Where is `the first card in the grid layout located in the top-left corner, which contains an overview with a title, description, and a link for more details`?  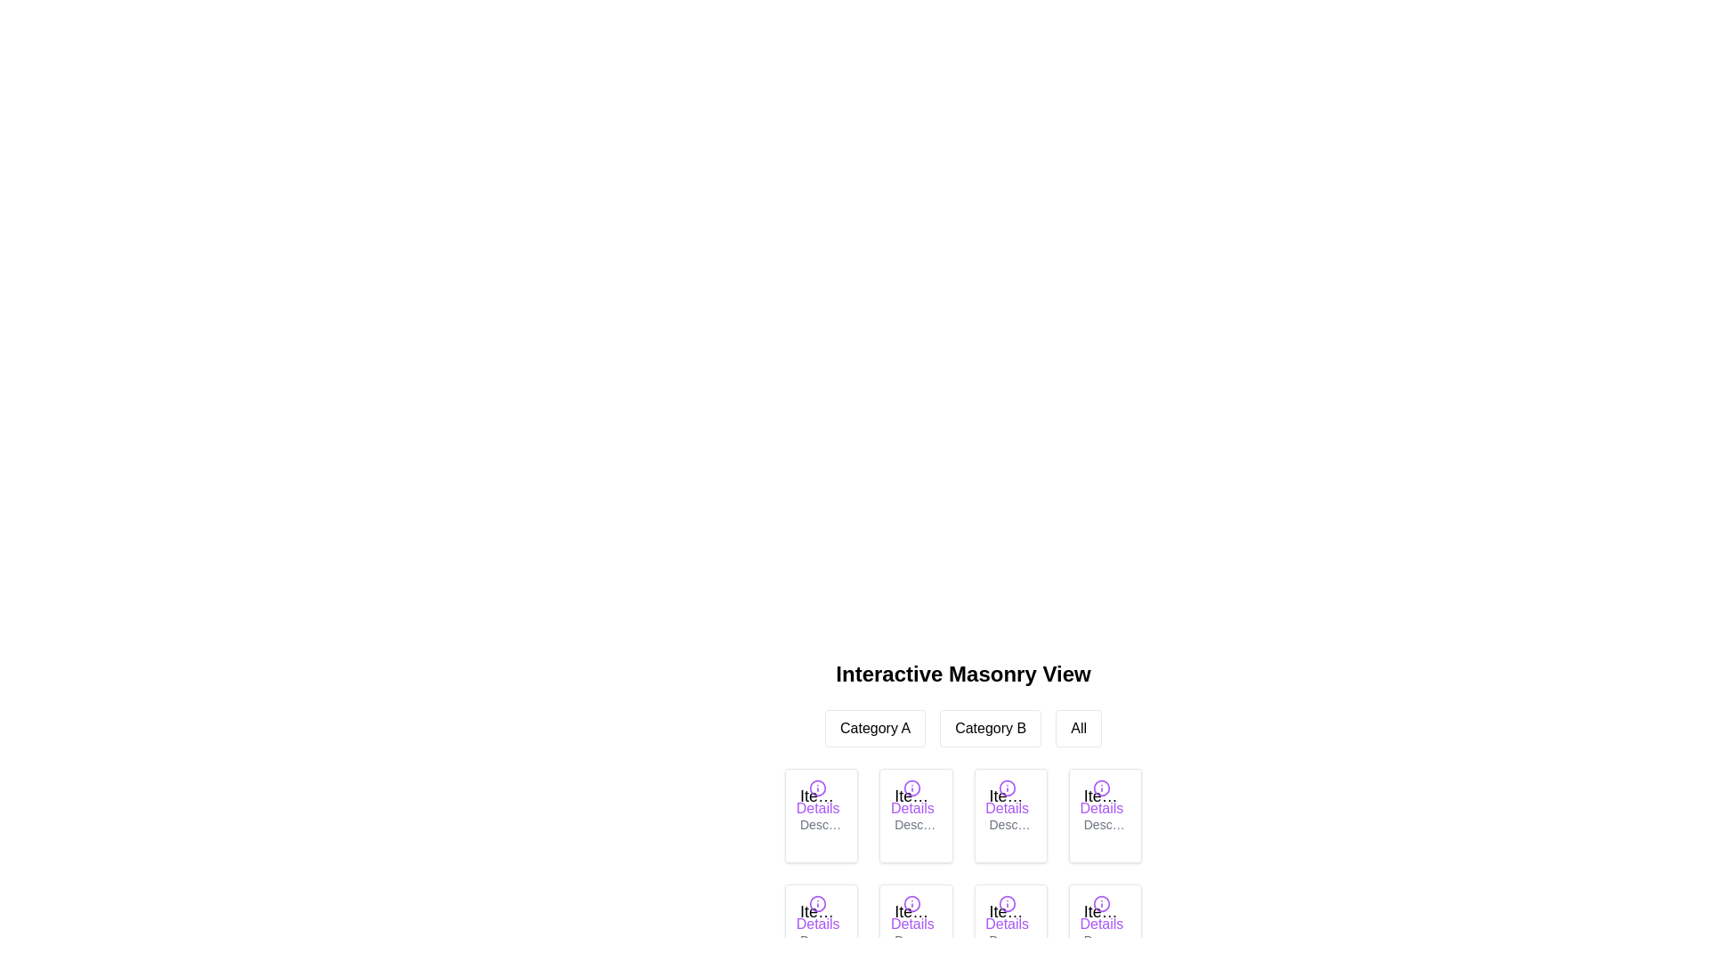 the first card in the grid layout located in the top-left corner, which contains an overview with a title, description, and a link for more details is located at coordinates (821, 816).